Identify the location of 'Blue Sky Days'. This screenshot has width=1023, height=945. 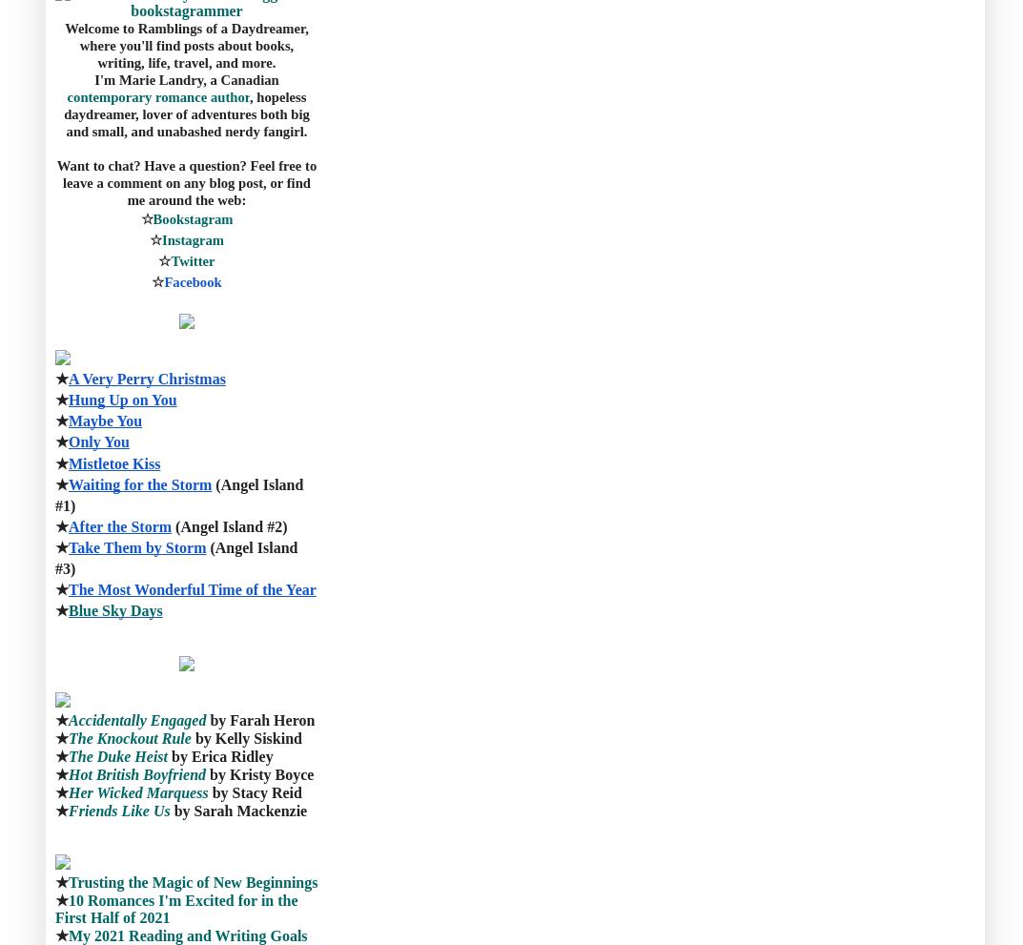
(114, 609).